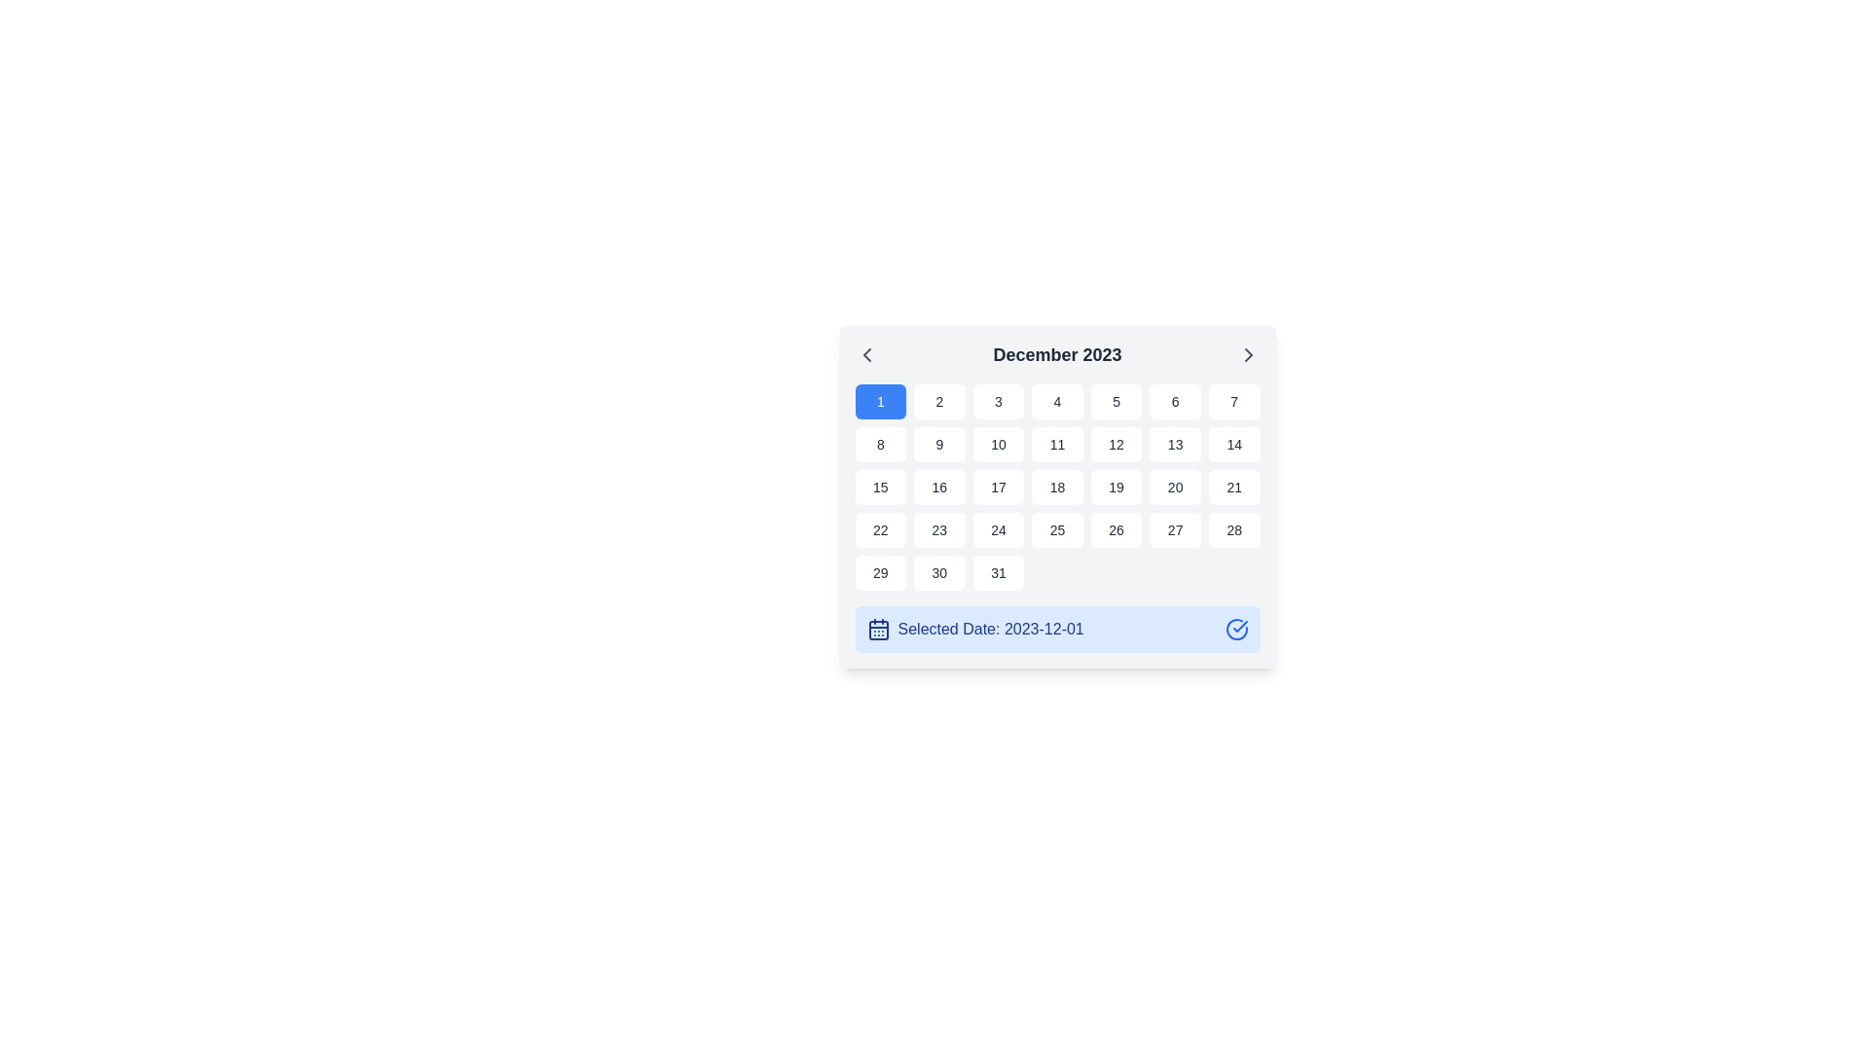 The image size is (1869, 1051). What do you see at coordinates (1117, 487) in the screenshot?
I see `the button representing the 19th date in the calendar grid` at bounding box center [1117, 487].